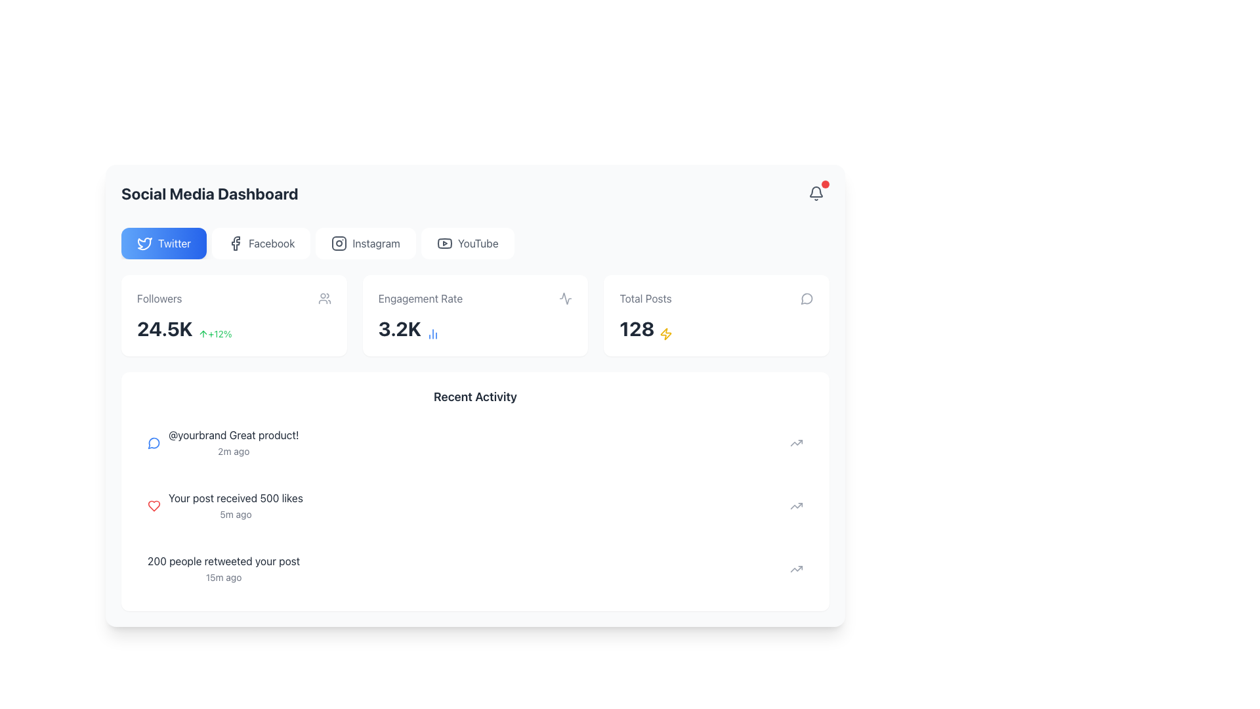  What do you see at coordinates (163, 243) in the screenshot?
I see `the first button in the horizontal list, labeled for Twitter` at bounding box center [163, 243].